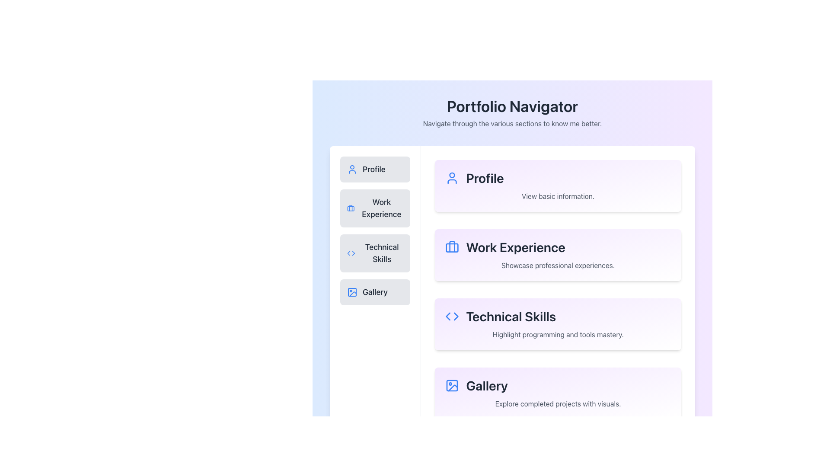 Image resolution: width=830 pixels, height=467 pixels. Describe the element at coordinates (352, 292) in the screenshot. I see `the blue-colored icon resembling a photo or gallery representation located in the 'Gallery' menu, positioned to the left of the text label 'Gallery'` at that location.